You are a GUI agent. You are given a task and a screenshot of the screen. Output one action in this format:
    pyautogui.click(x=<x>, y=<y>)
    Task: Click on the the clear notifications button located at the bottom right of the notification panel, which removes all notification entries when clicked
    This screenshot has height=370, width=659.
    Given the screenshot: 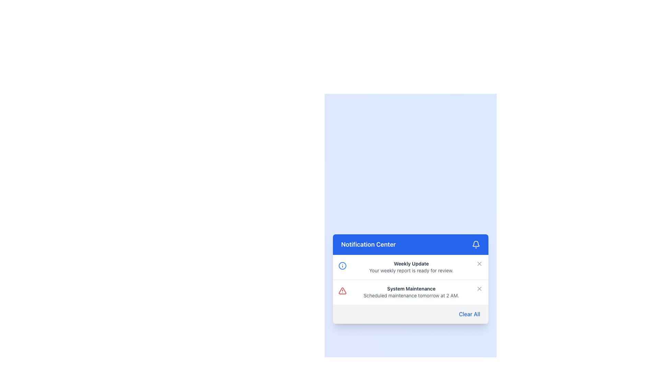 What is the action you would take?
    pyautogui.click(x=411, y=314)
    